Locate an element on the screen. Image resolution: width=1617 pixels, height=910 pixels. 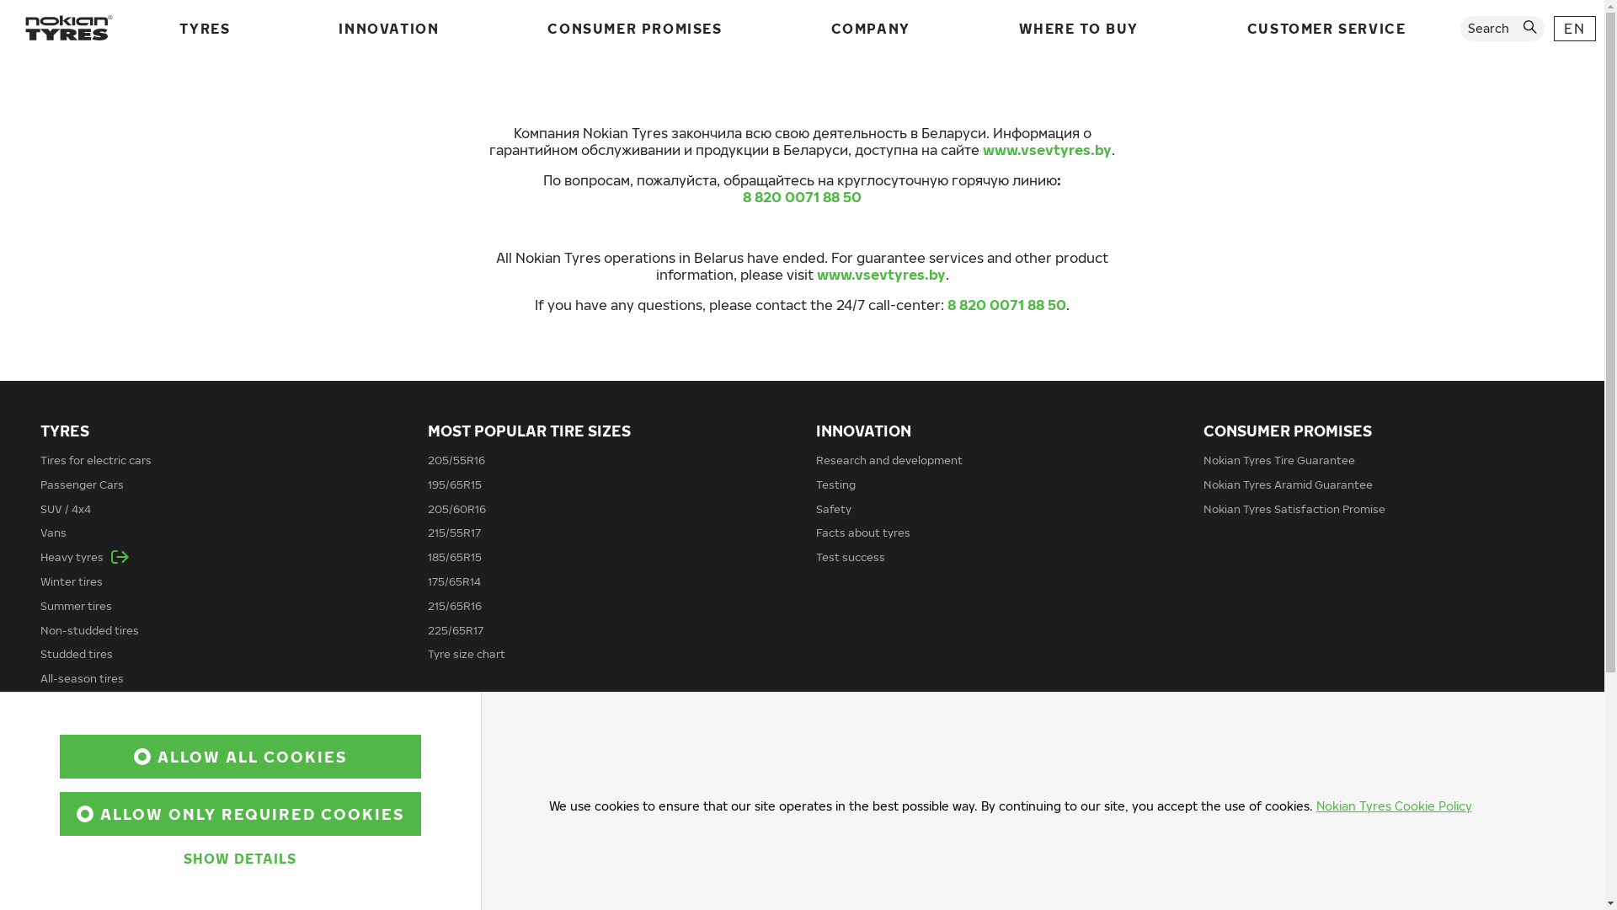
'Studded tires' is located at coordinates (76, 652).